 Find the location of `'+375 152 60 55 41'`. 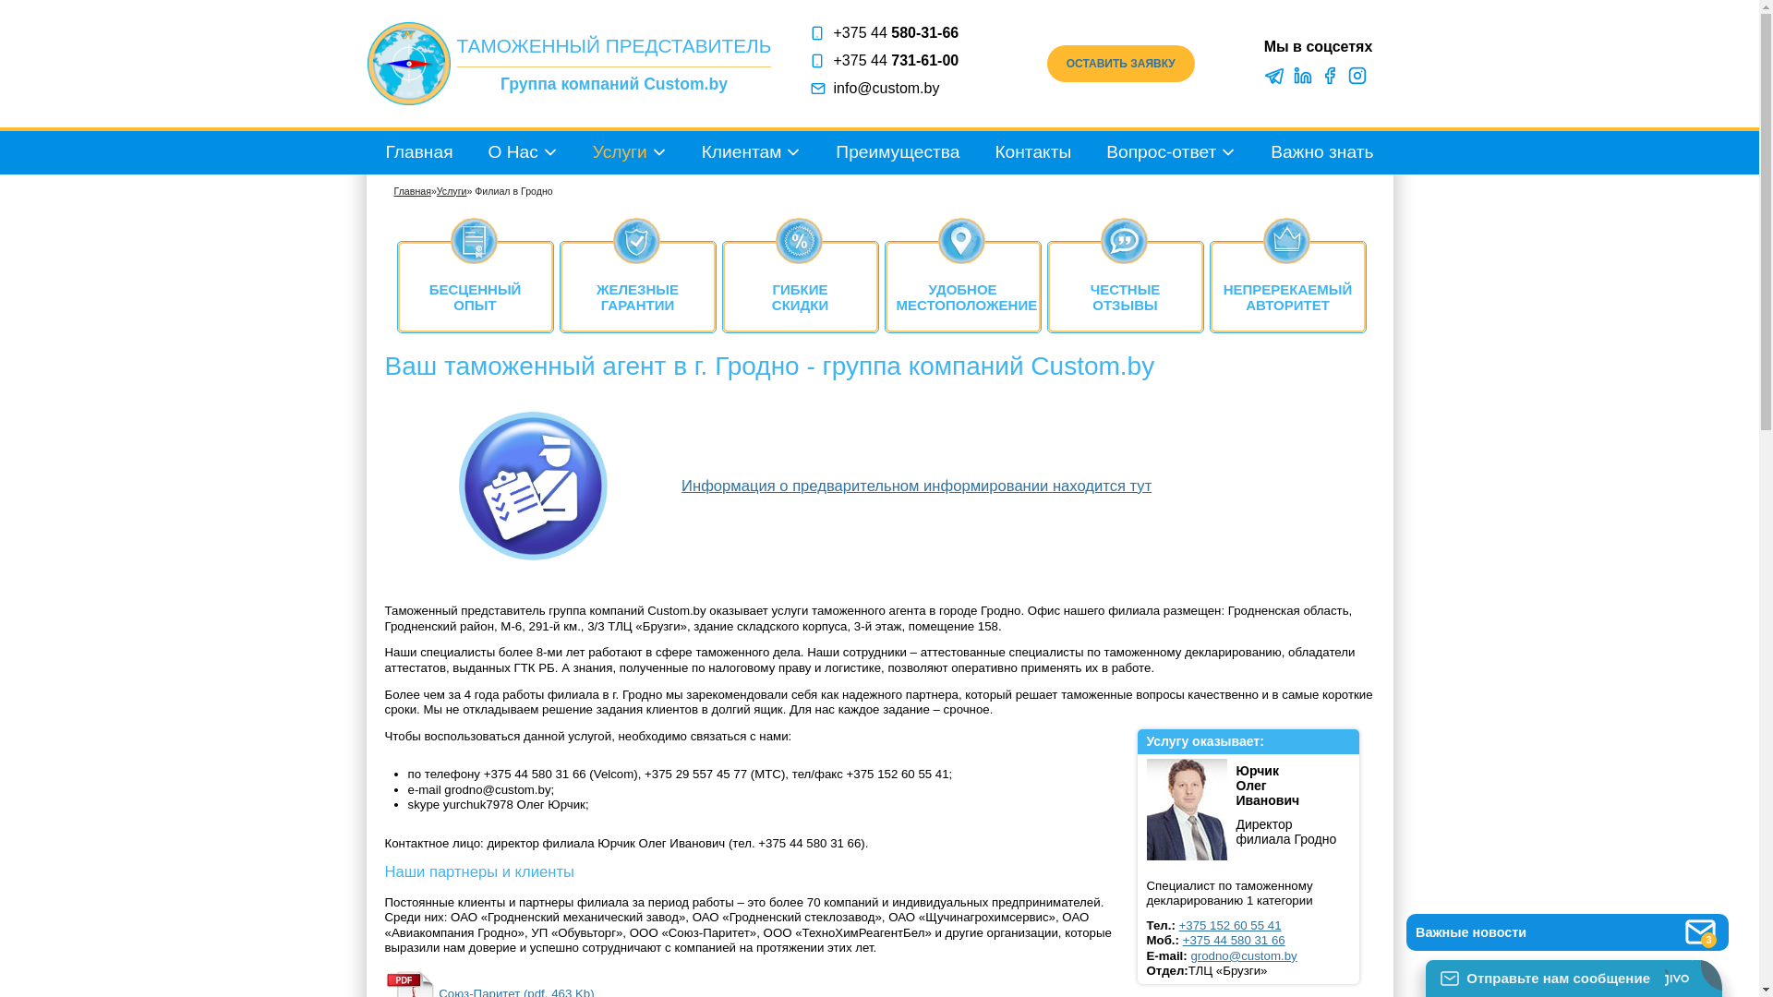

'+375 152 60 55 41' is located at coordinates (1230, 925).